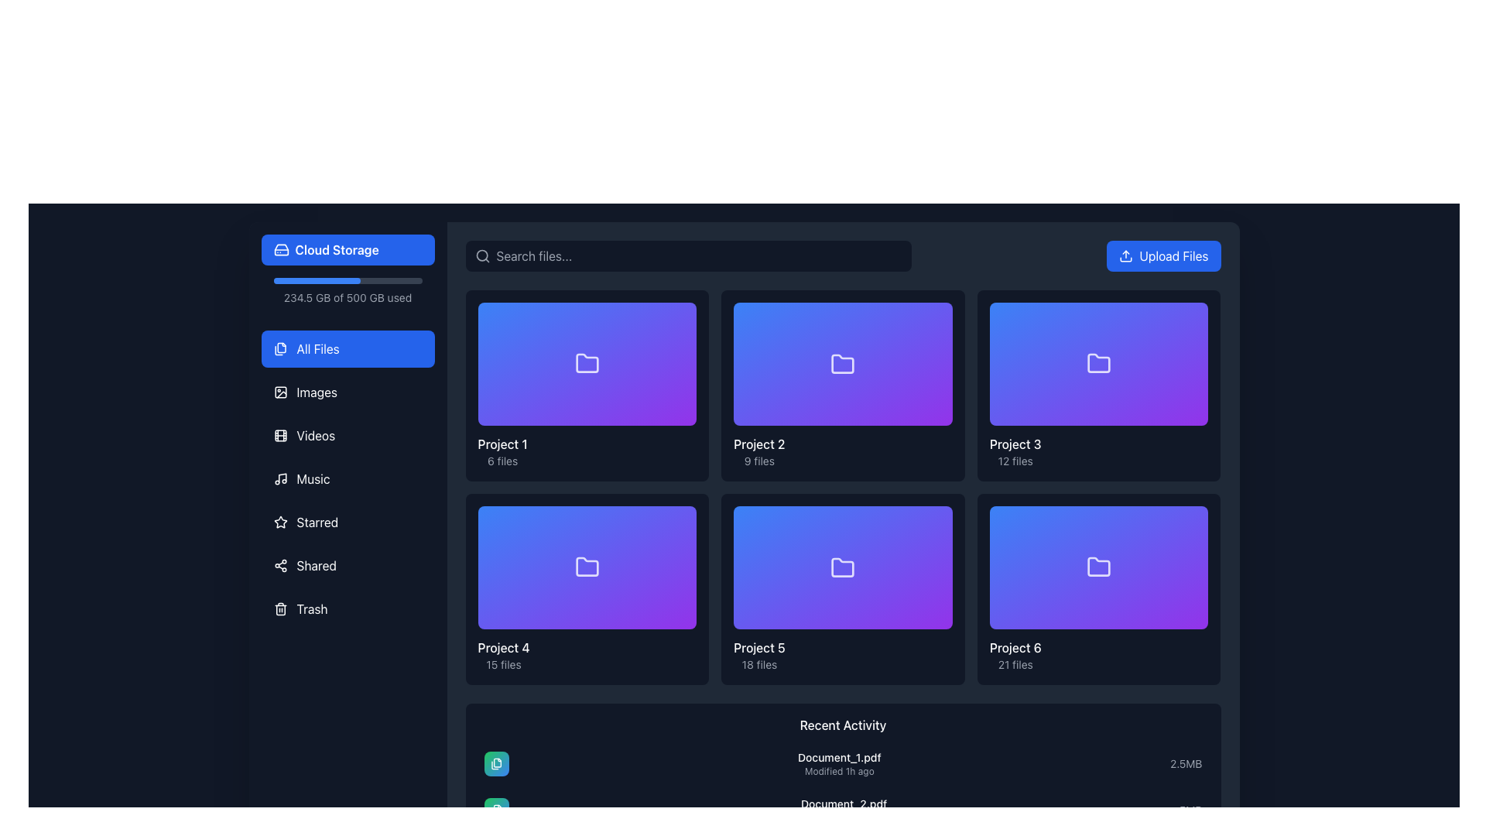 The height and width of the screenshot is (836, 1486). What do you see at coordinates (481, 255) in the screenshot?
I see `the search icon located on the far left side of the search bar input field, which is near the top-center of the interface` at bounding box center [481, 255].